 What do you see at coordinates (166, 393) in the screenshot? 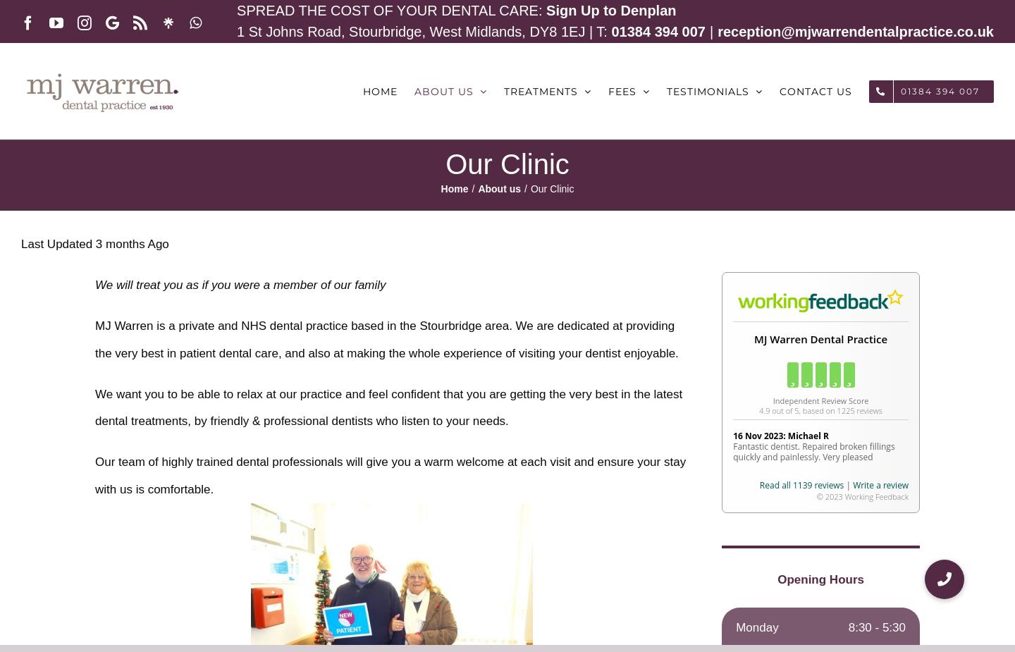
I see `'We want you to be able to'` at bounding box center [166, 393].